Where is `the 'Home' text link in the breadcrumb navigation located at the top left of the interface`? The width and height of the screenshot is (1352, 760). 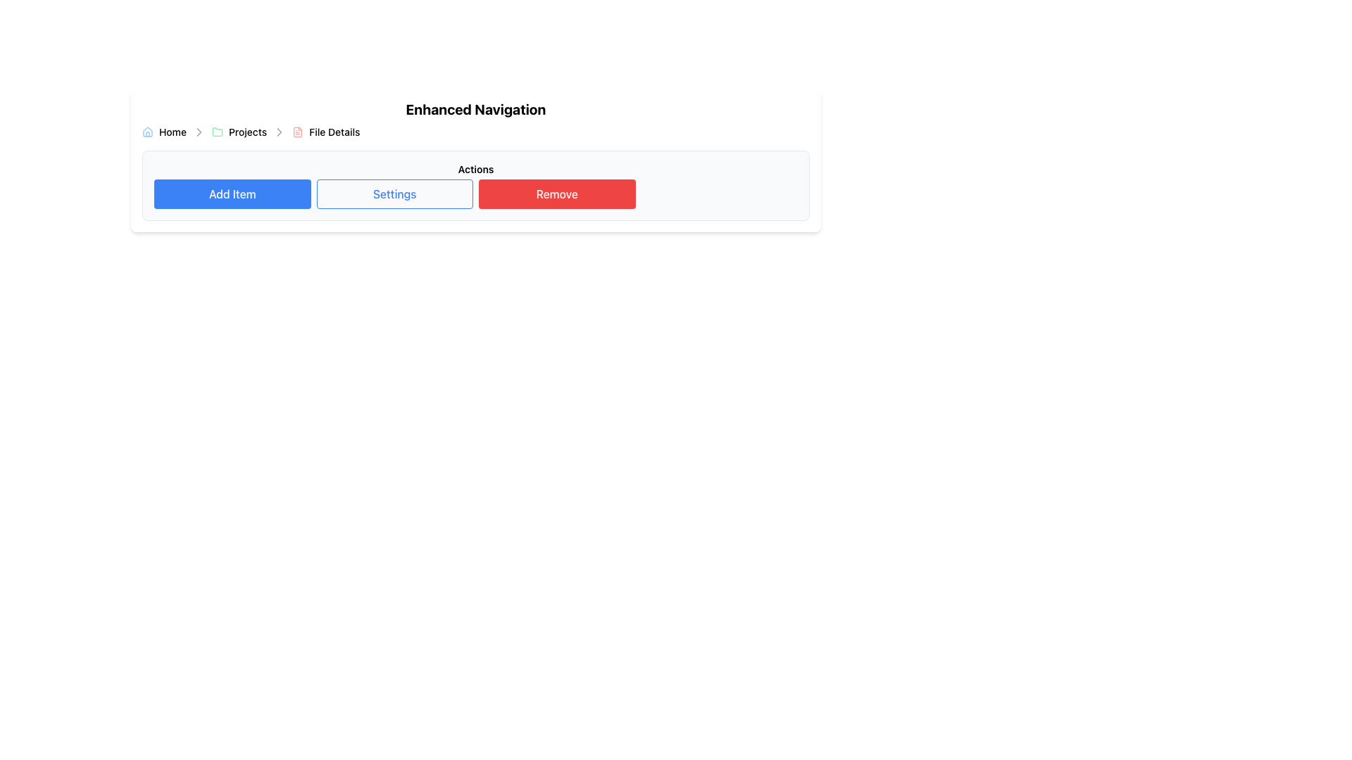 the 'Home' text link in the breadcrumb navigation located at the top left of the interface is located at coordinates (172, 132).